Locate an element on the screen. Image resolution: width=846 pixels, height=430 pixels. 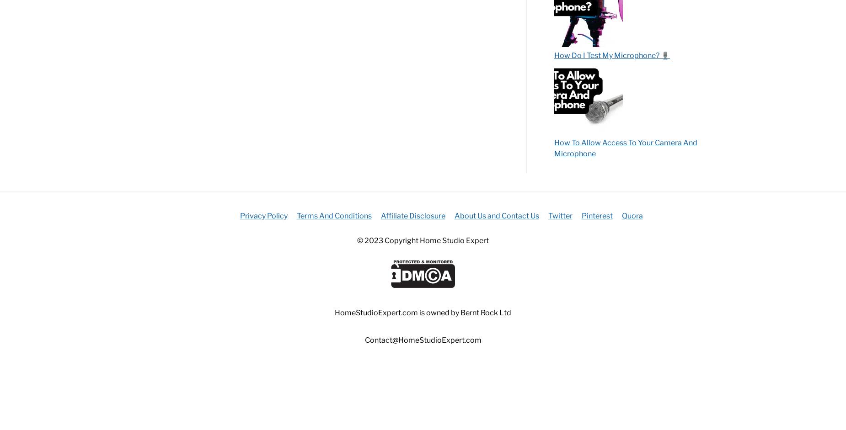
'How To Allow Access To Your Camera And Microphone' is located at coordinates (625, 147).